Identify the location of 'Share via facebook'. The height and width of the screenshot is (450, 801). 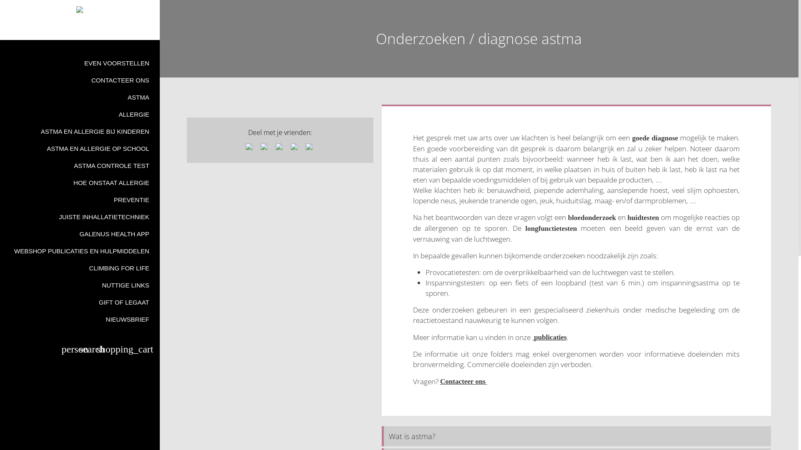
(250, 147).